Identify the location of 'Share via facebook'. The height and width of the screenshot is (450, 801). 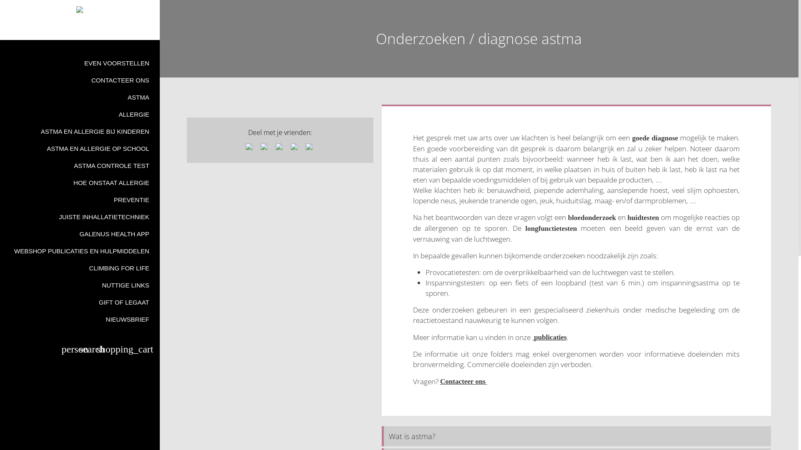
(250, 147).